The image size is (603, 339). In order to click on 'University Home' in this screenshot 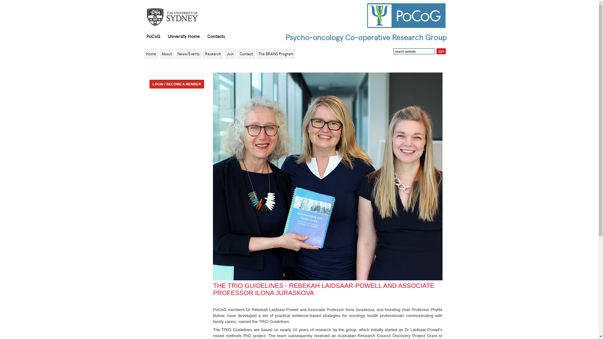, I will do `click(164, 36)`.